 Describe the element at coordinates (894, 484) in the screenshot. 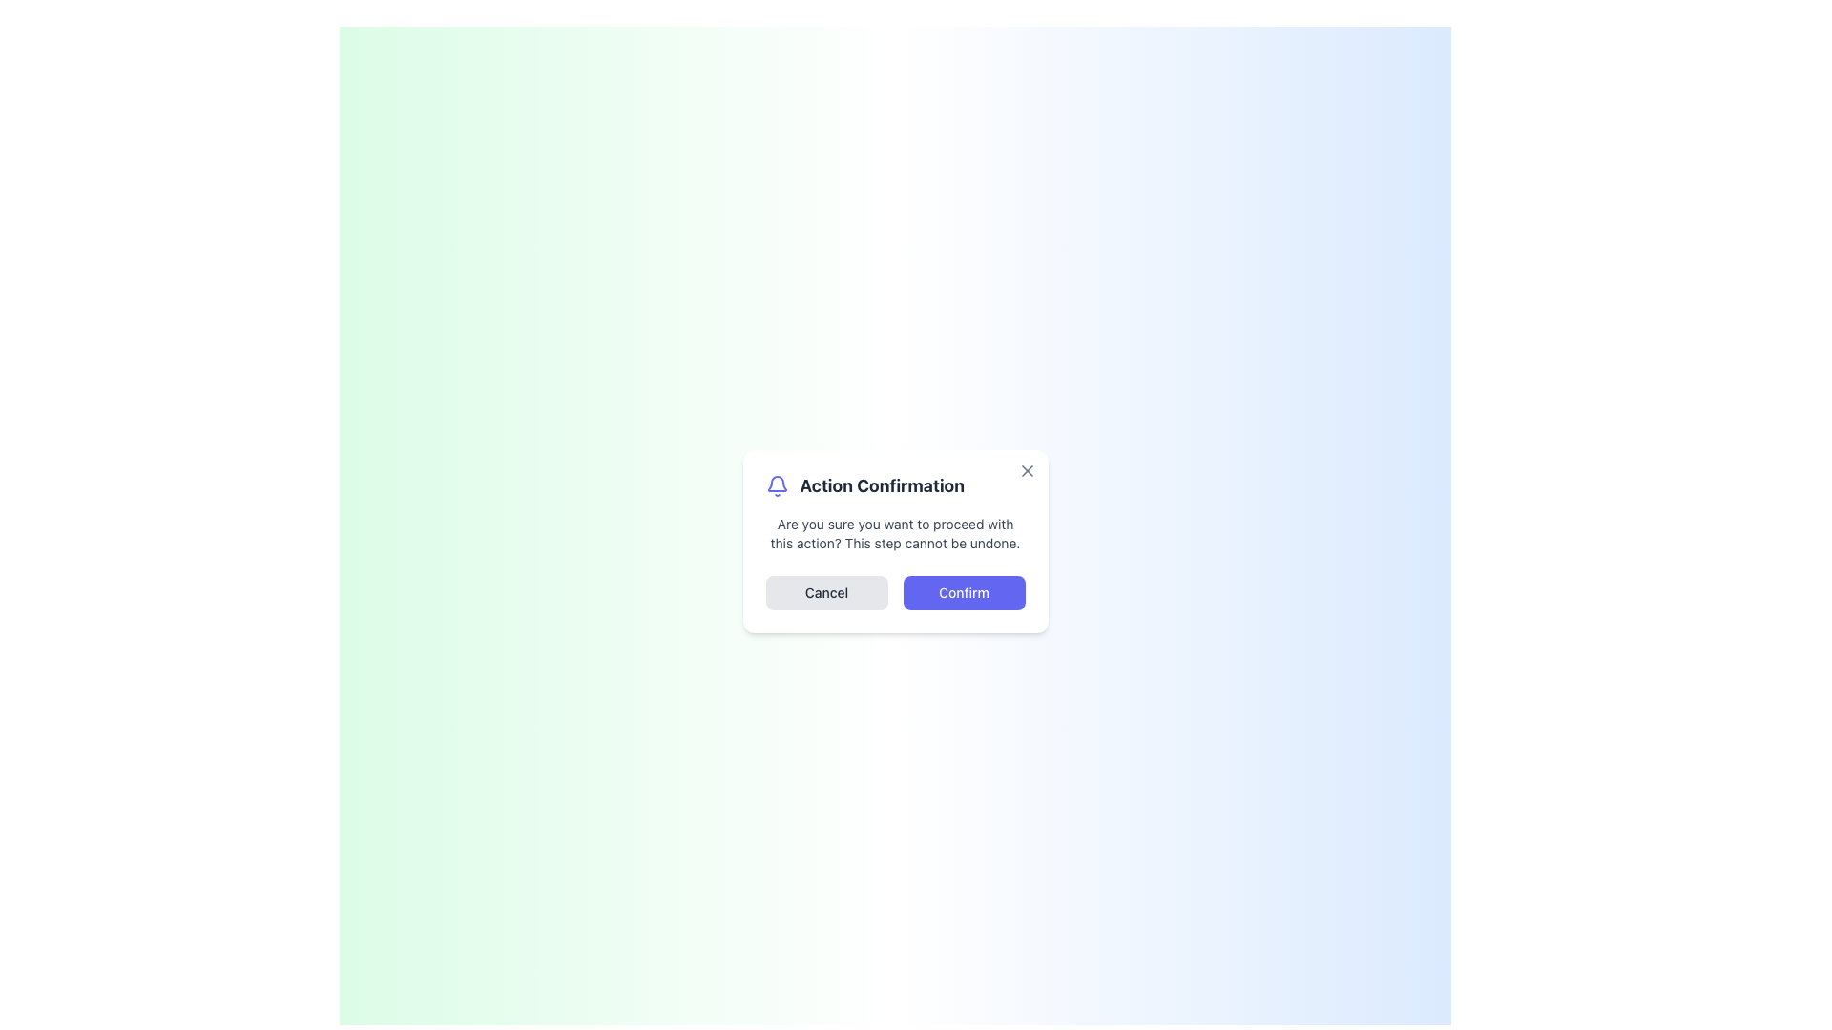

I see `the header label with icon of the confirmation modal, which is positioned at the top of the modal dialog` at that location.